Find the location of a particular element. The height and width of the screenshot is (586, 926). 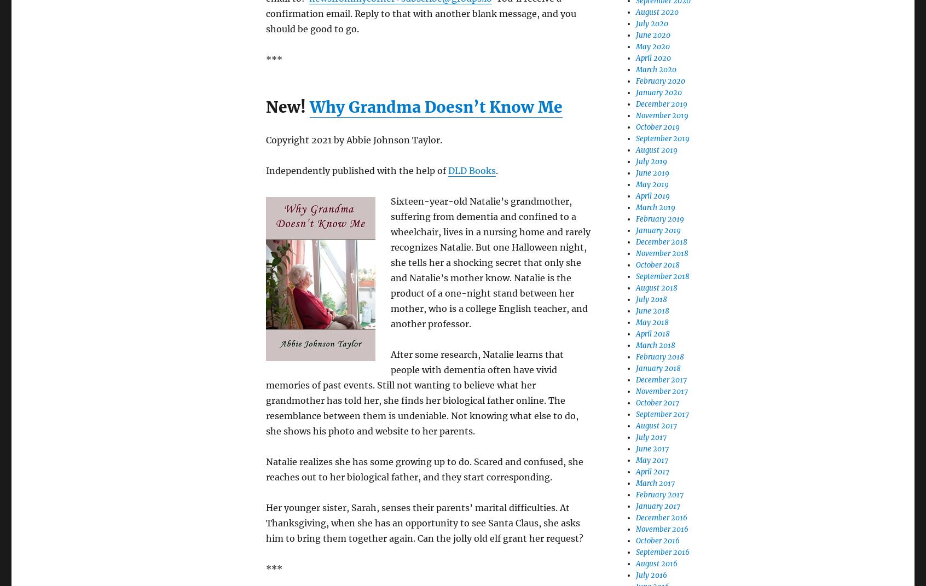

'Independently published with the help of' is located at coordinates (357, 170).